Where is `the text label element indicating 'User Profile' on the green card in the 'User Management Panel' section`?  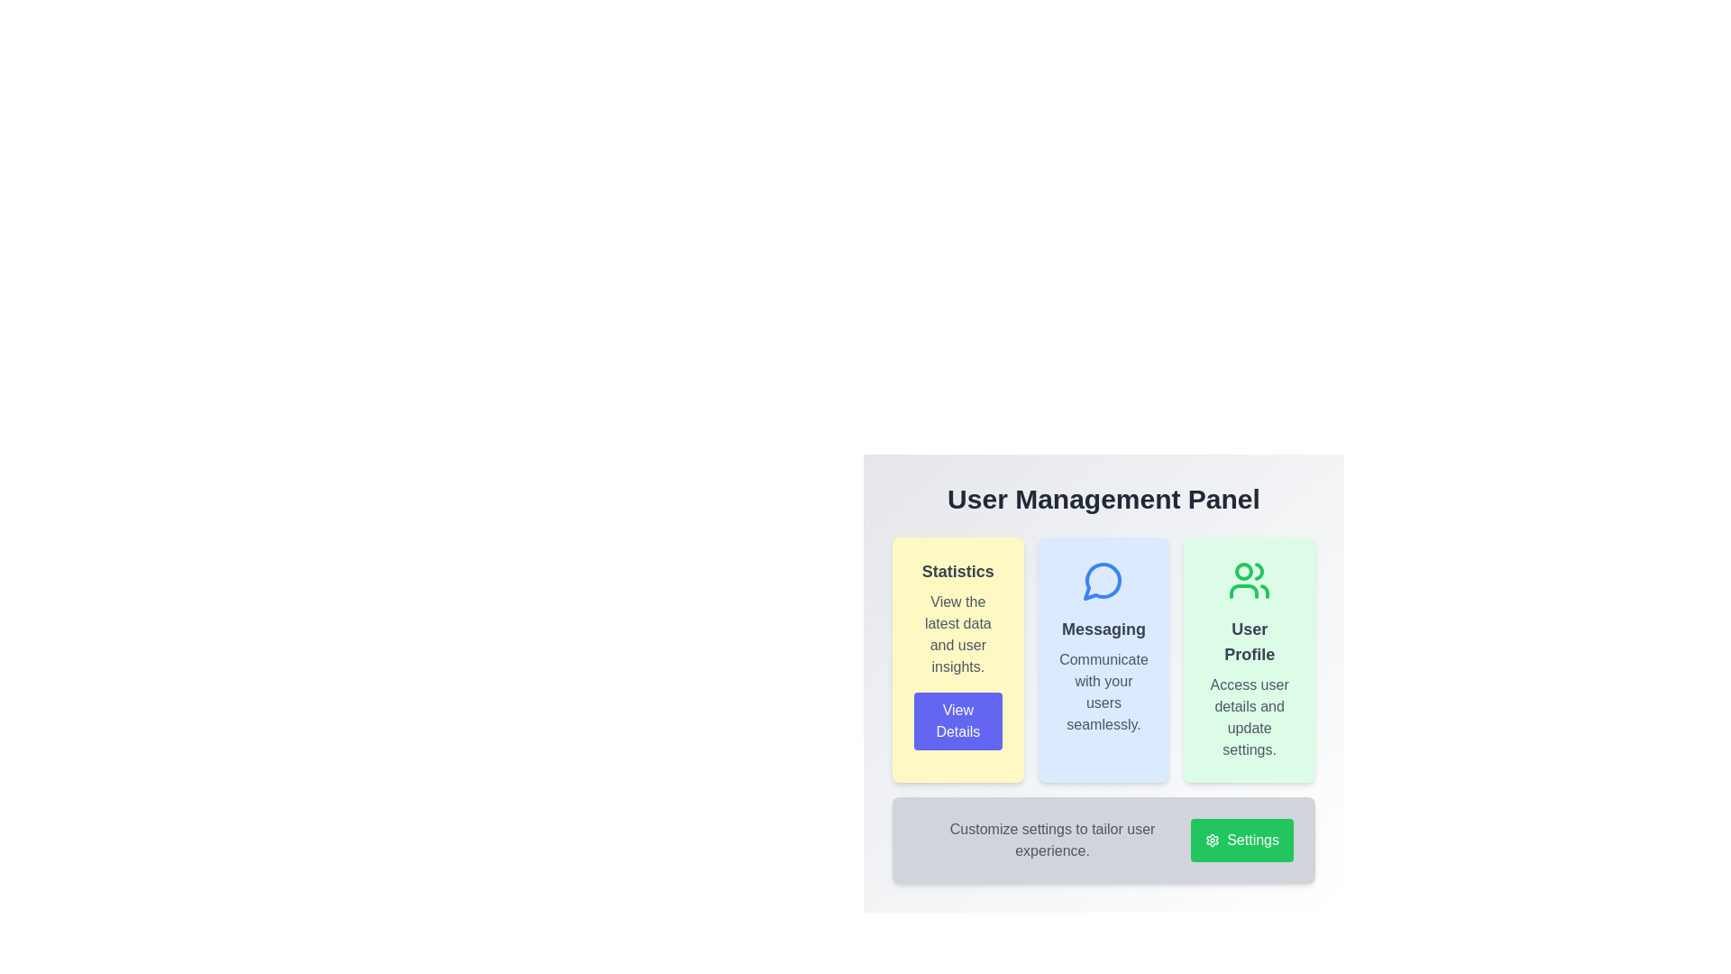
the text label element indicating 'User Profile' on the green card in the 'User Management Panel' section is located at coordinates (1249, 641).